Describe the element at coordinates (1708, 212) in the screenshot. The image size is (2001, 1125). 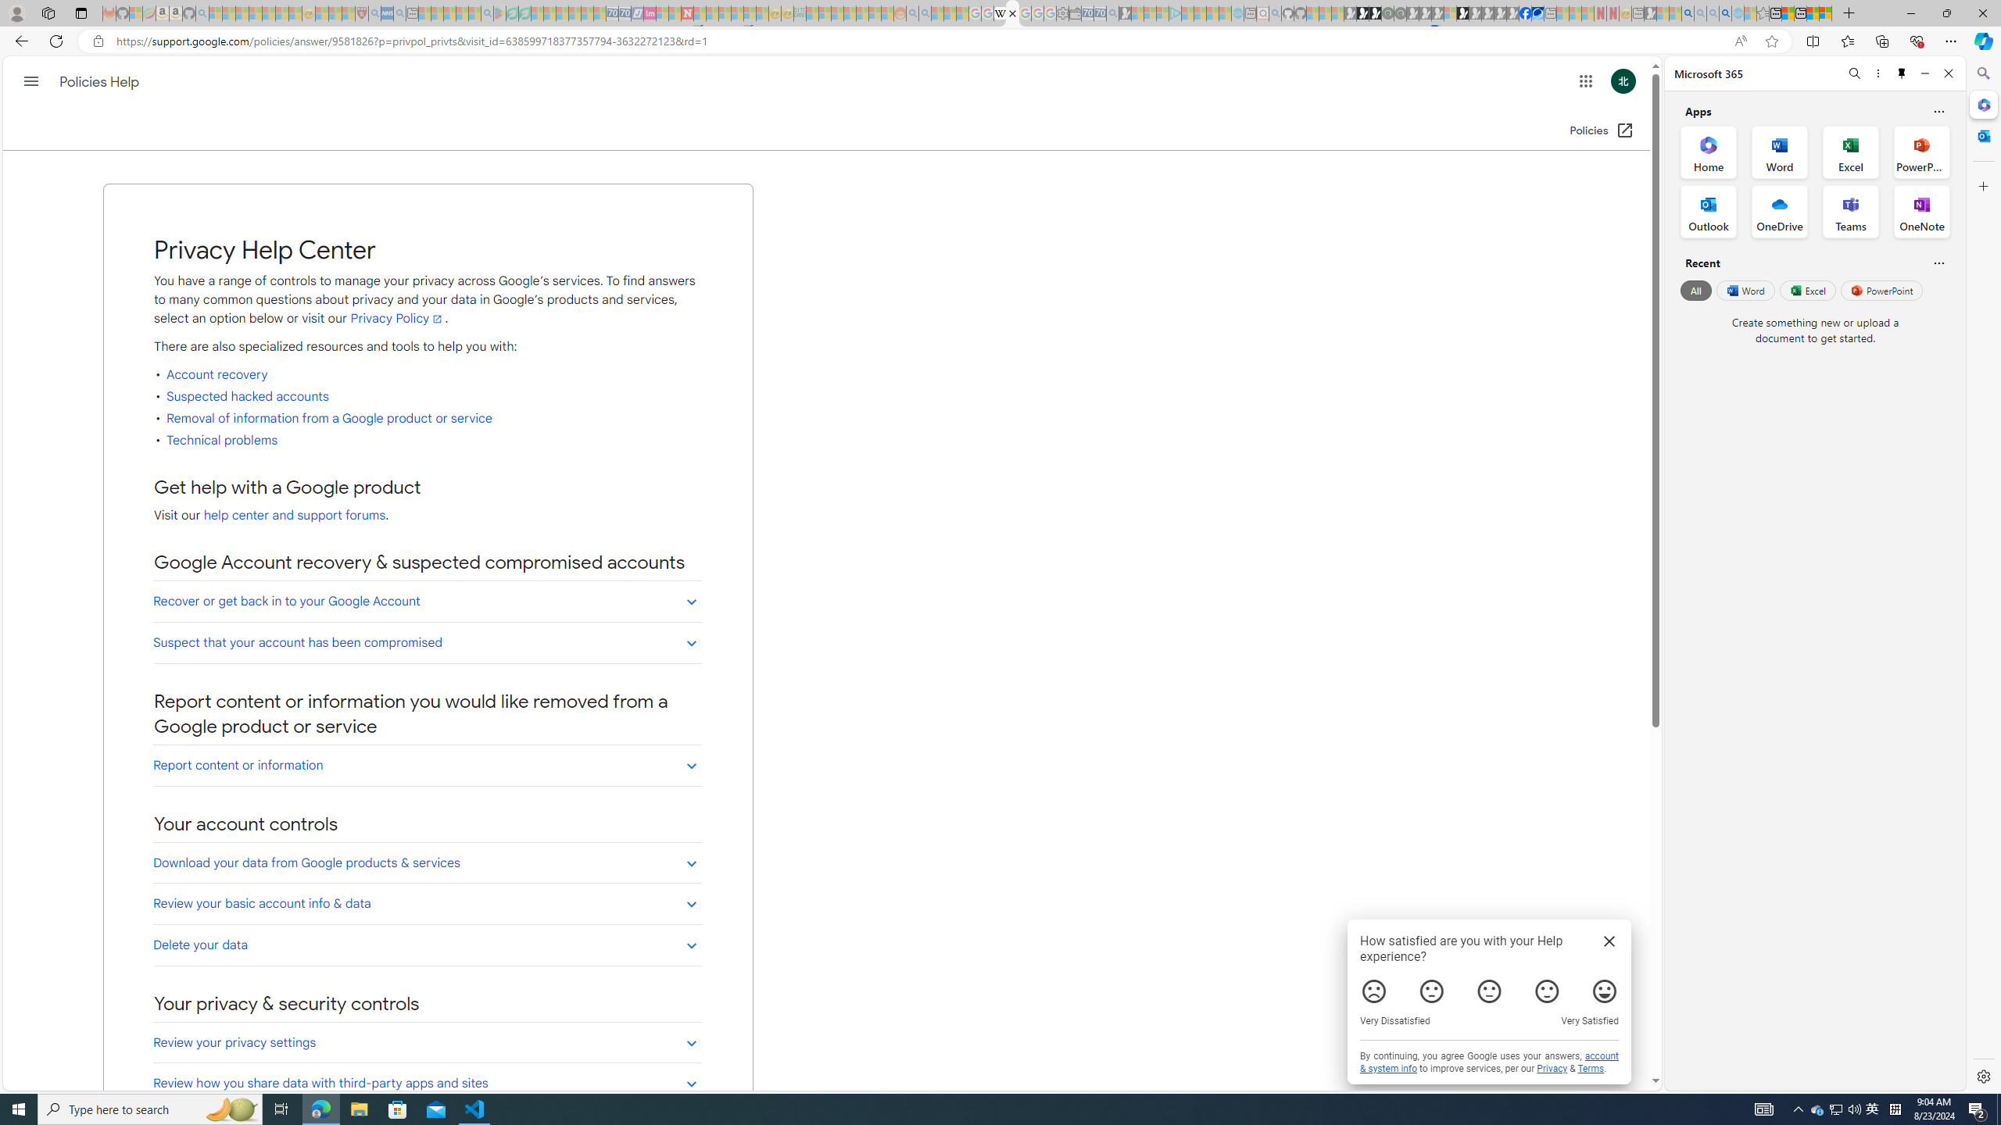
I see `'Outlook Office App'` at that location.